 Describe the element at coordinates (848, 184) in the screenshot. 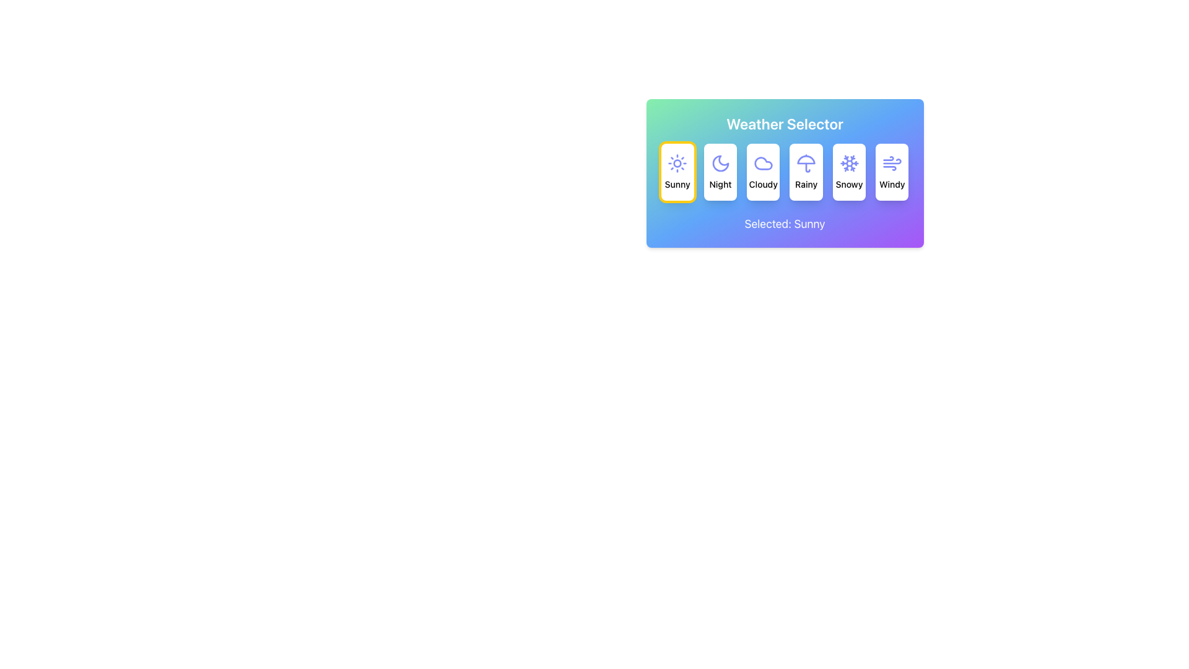

I see `the text label displaying 'Snowy', which is styled with a medium-sized font and located within the sixth card of weather options between 'Rainy' and 'Windy'` at that location.